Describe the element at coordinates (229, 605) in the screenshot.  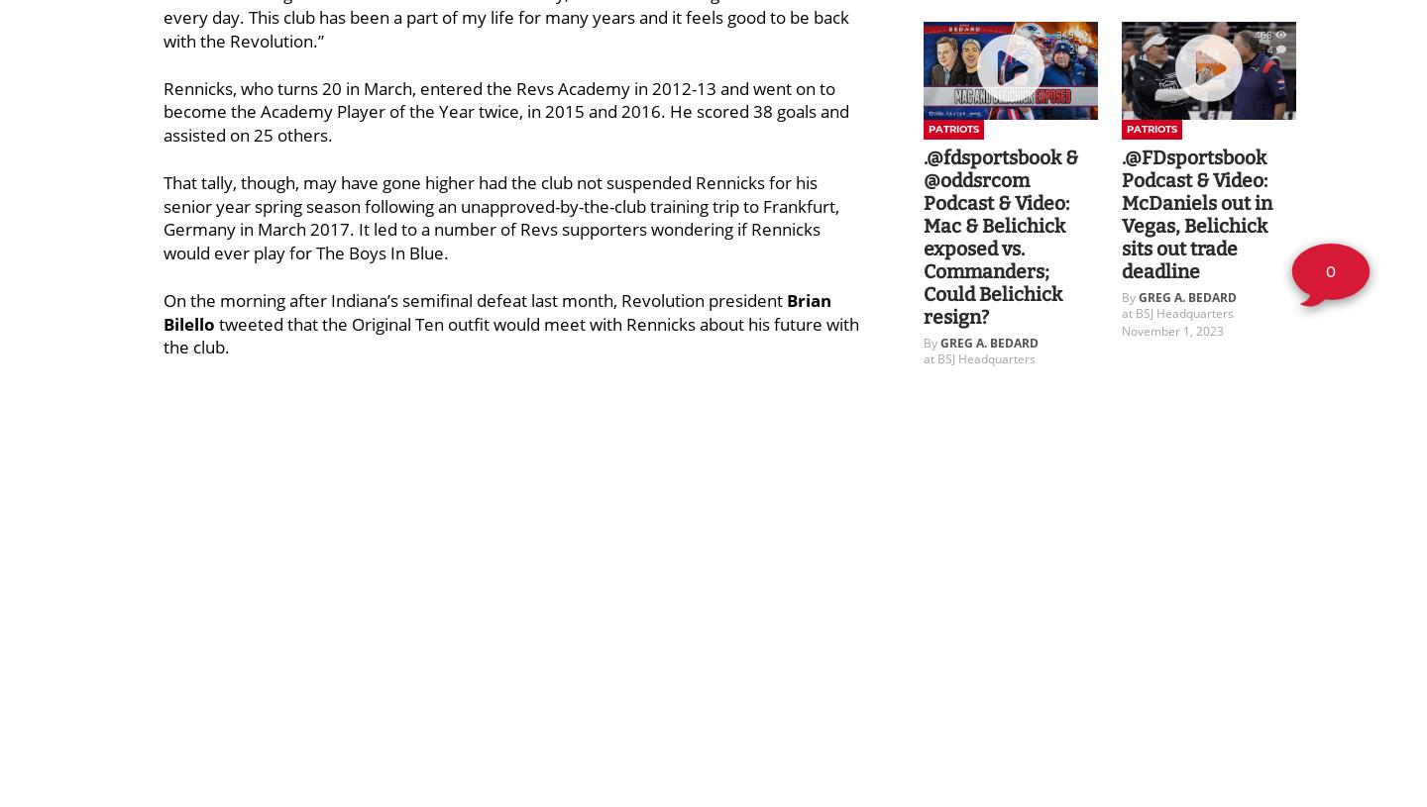
I see `'on loan, turning'` at that location.